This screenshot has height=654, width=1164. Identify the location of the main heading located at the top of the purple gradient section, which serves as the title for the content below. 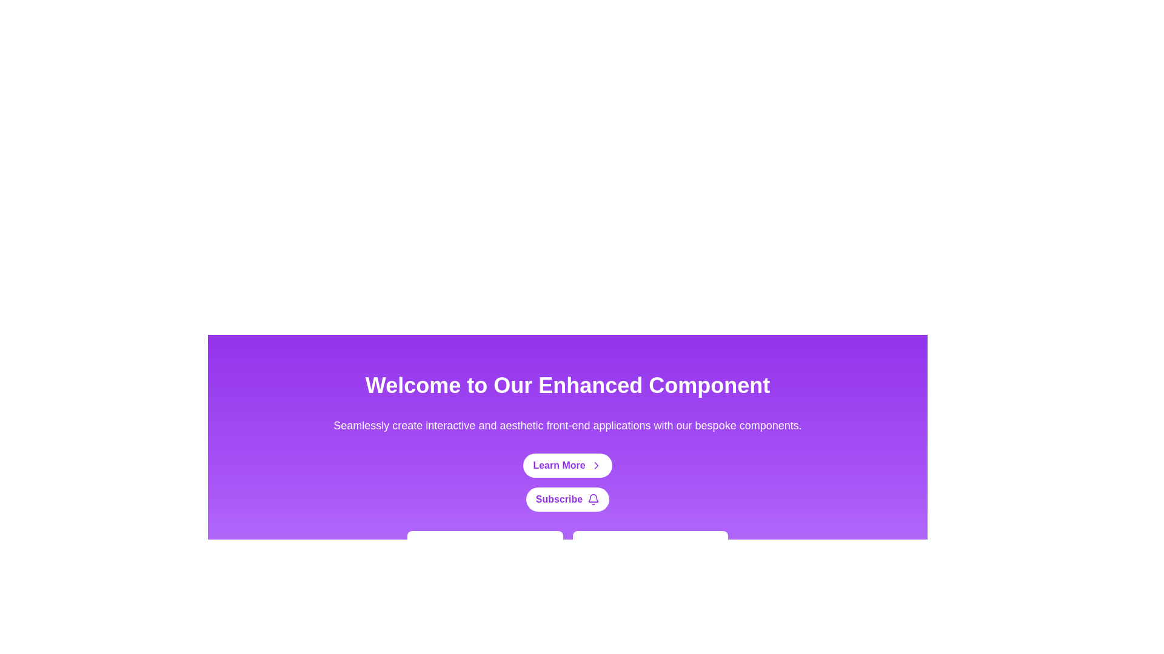
(567, 385).